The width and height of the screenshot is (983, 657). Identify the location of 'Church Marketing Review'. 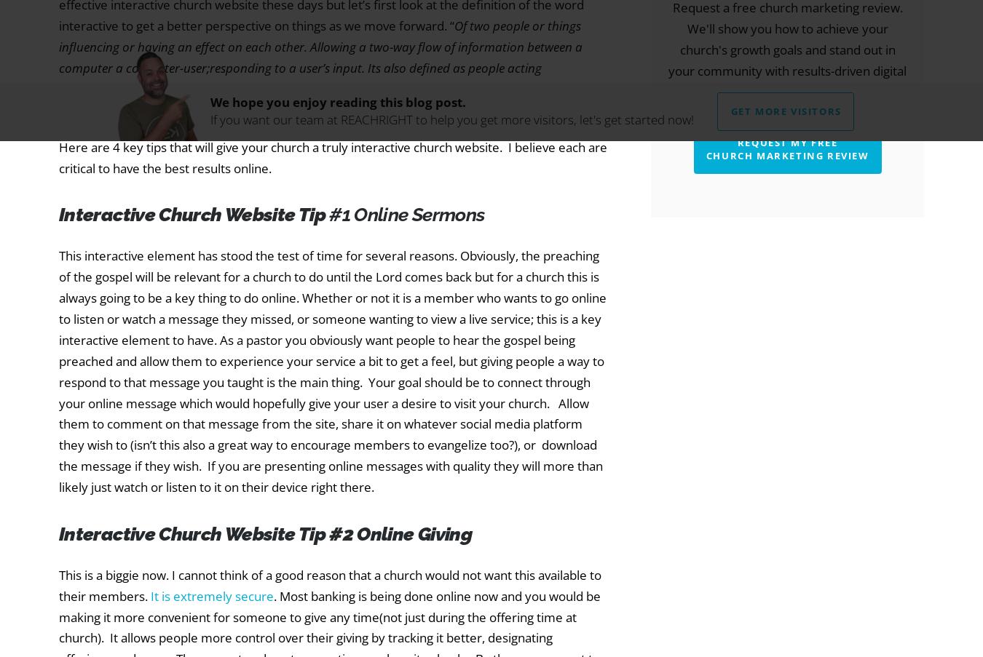
(786, 156).